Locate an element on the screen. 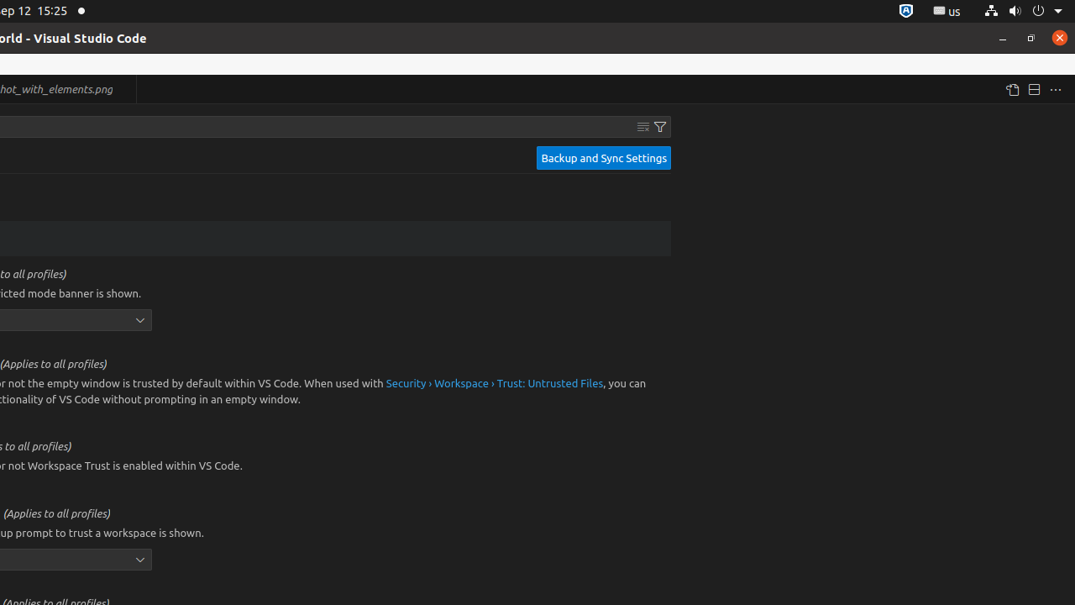 The height and width of the screenshot is (605, 1075). 'Split Editor Right (Ctrl+\) [Alt] Split Editor Down' is located at coordinates (1032, 89).